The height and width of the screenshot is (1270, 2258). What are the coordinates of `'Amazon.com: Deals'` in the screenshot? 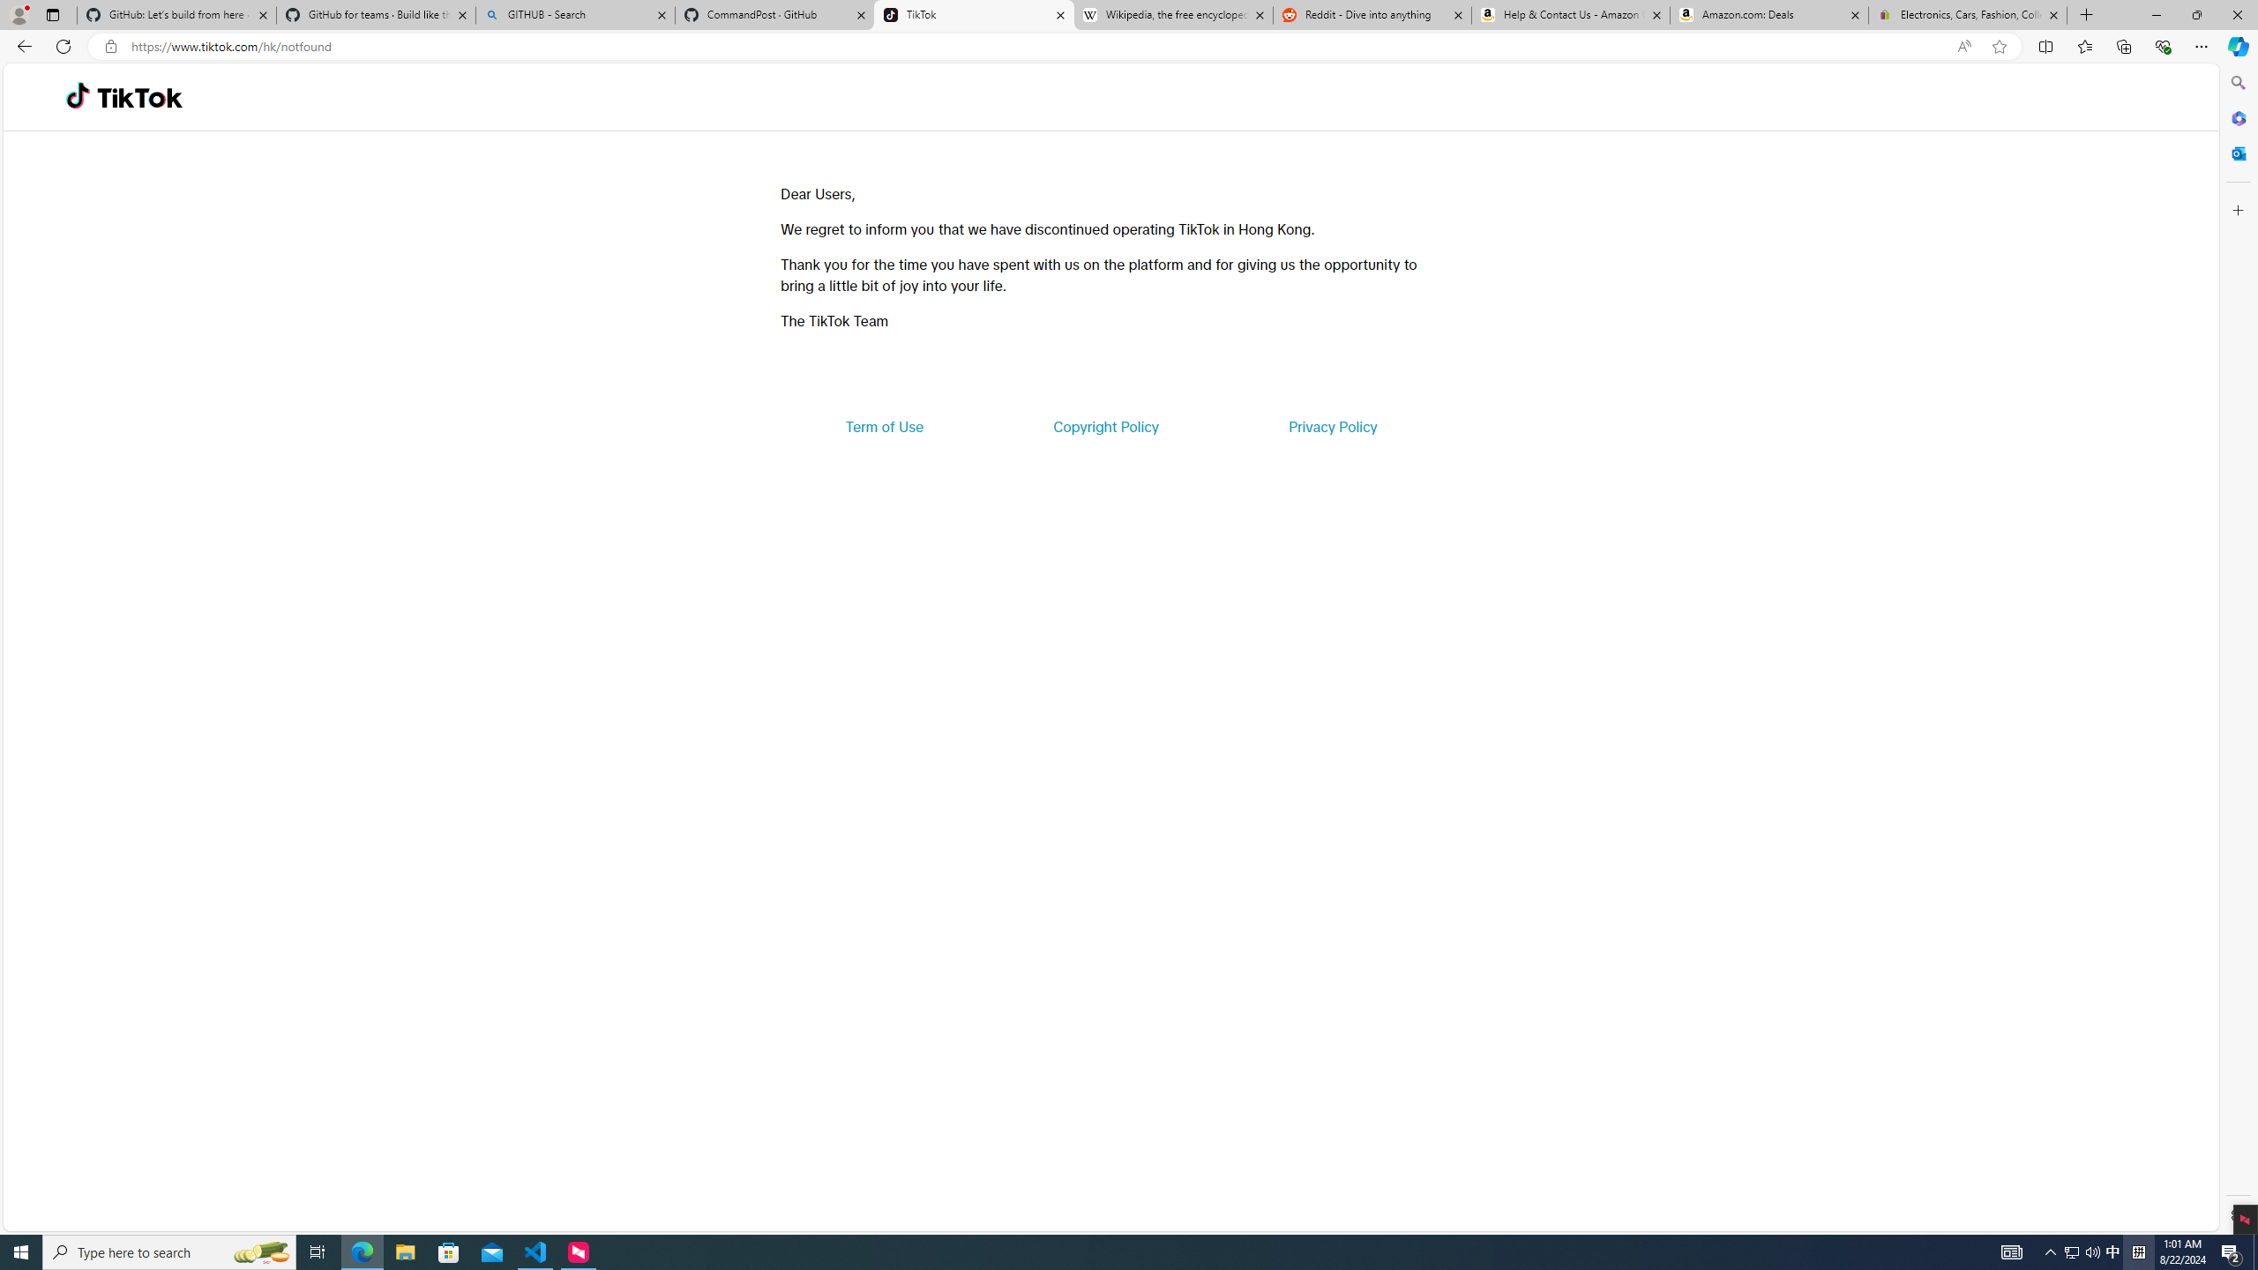 It's located at (1768, 14).